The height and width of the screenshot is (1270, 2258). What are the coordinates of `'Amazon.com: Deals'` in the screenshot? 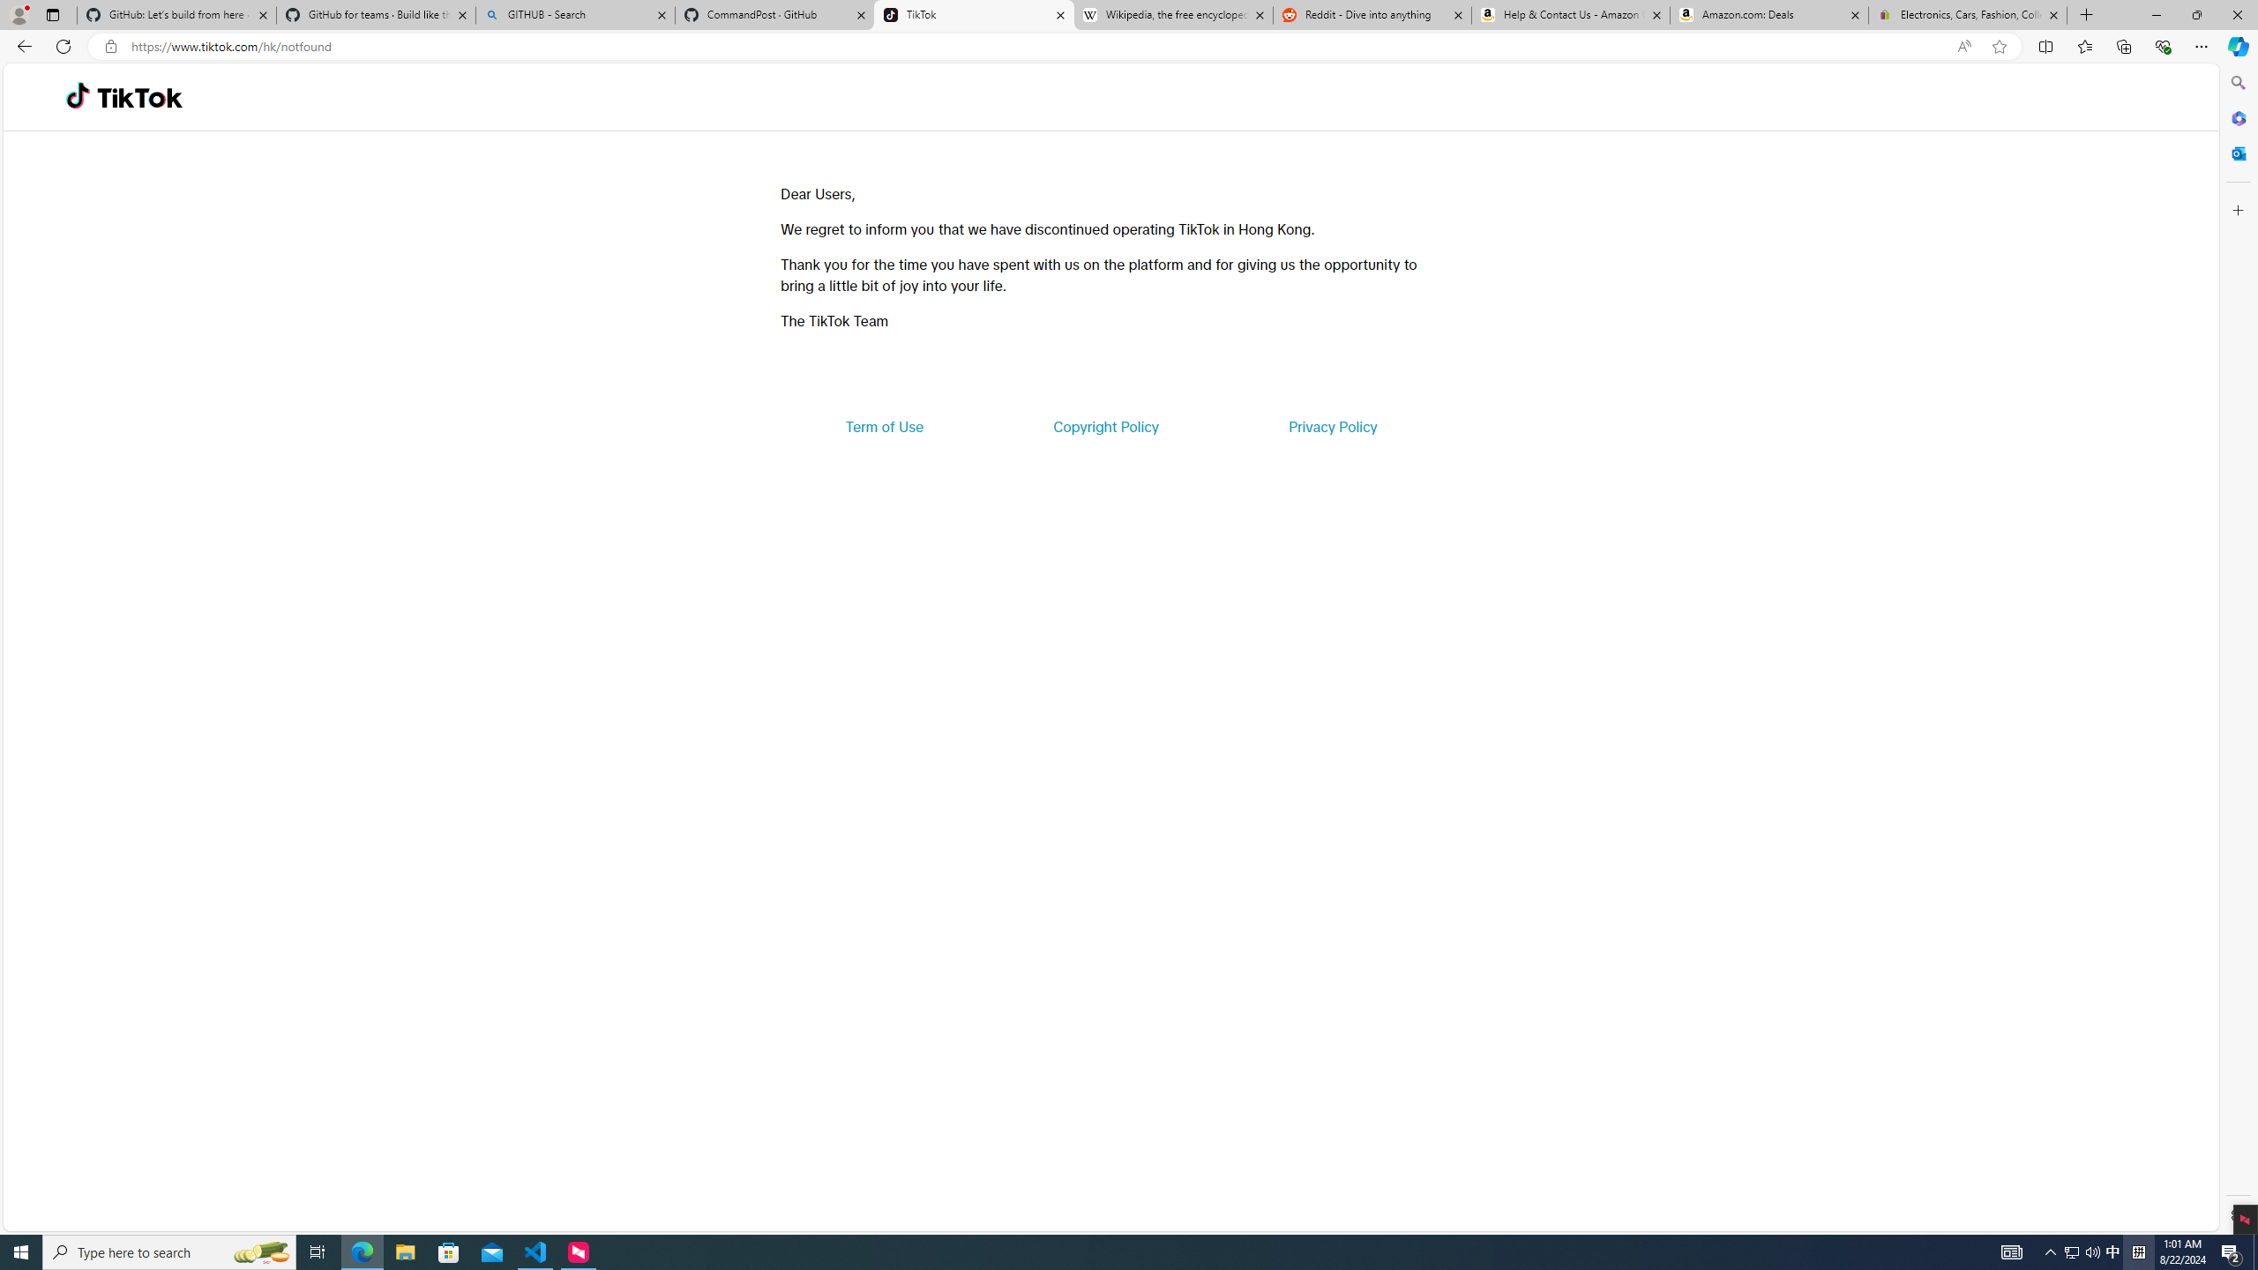 It's located at (1768, 14).